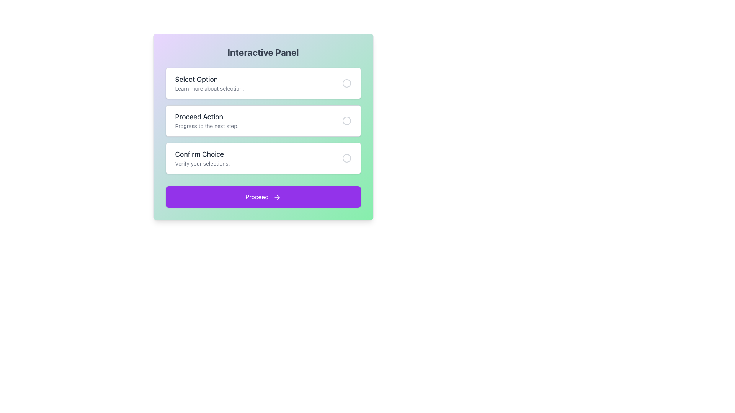 This screenshot has width=735, height=413. Describe the element at coordinates (278, 197) in the screenshot. I see `the arrow icon indicating forward movement located to the immediate right of the 'Proceed' text within the purple action button at the bottom of the interactive panel` at that location.